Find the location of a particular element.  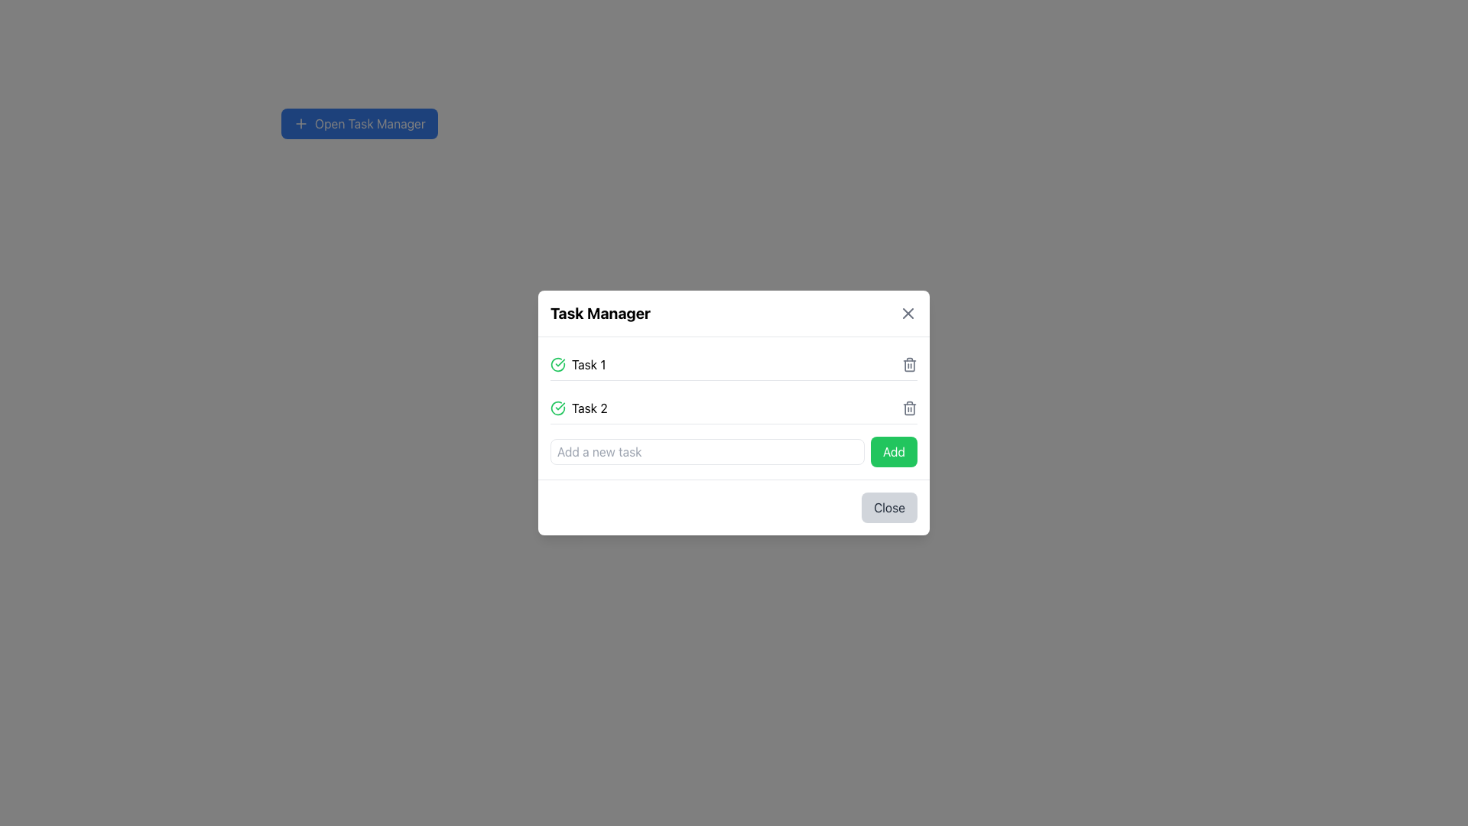

the checkbox of 'Task 1' to mark it as completed in the task list of the task manager modal is located at coordinates (734, 365).